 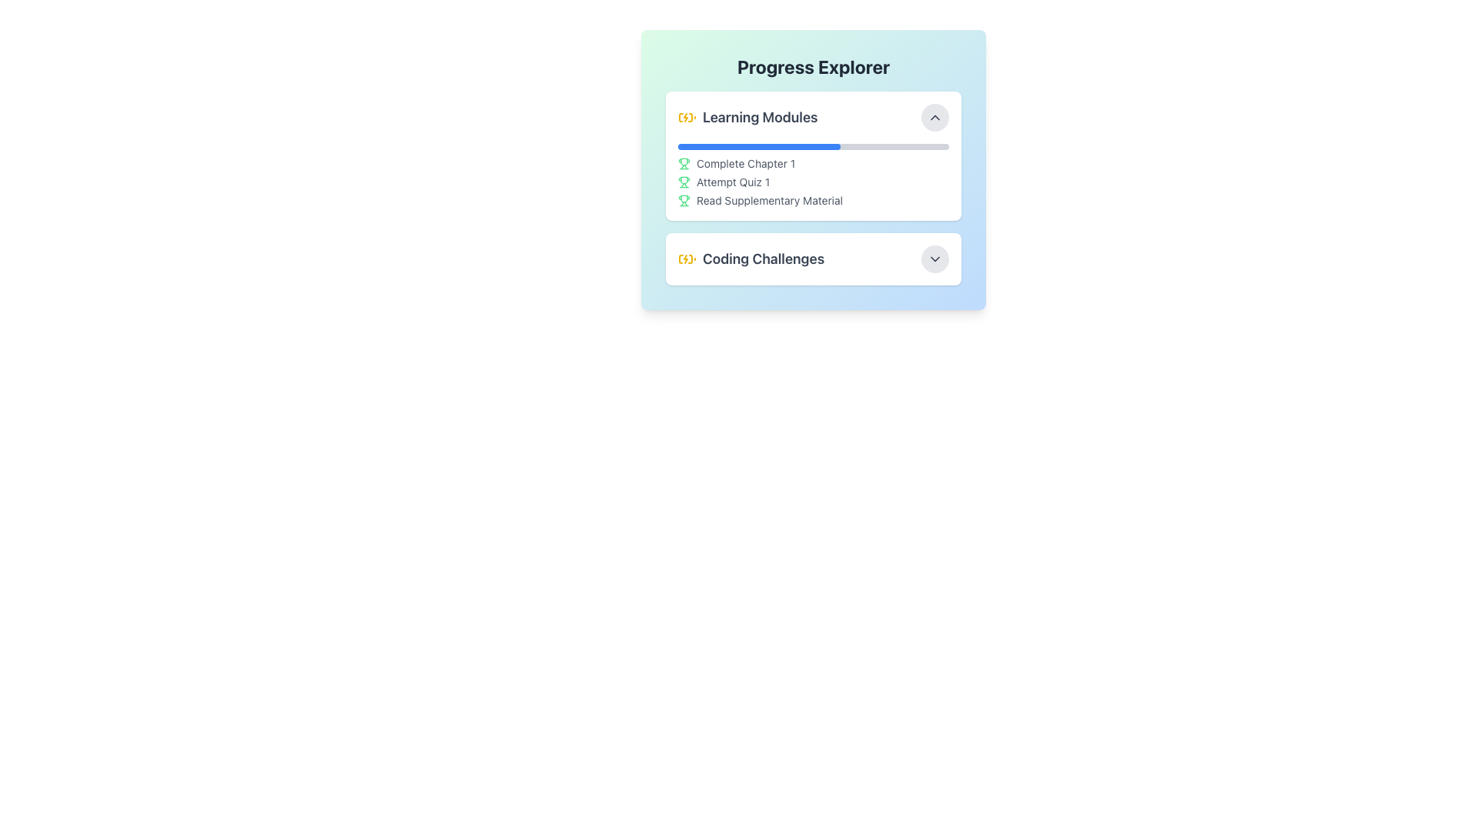 I want to click on the circular button with a light gray background and a downward-facing chevron icon, located to the right of the 'Coding Challenges' section, so click(x=934, y=258).